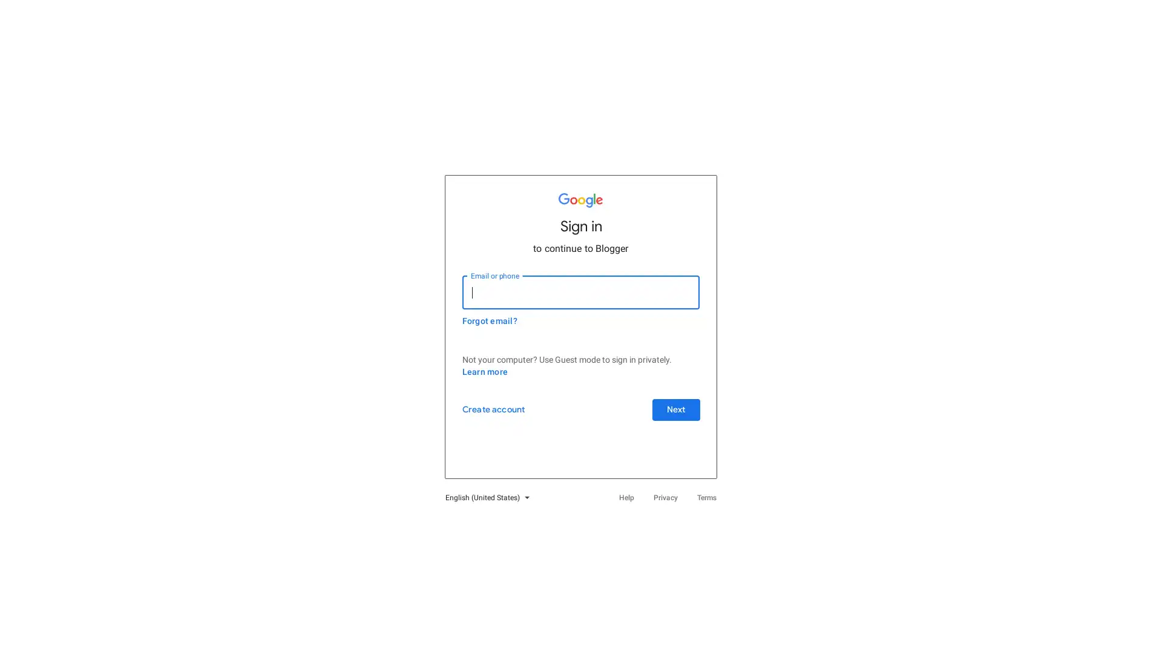  I want to click on Next, so click(668, 420).